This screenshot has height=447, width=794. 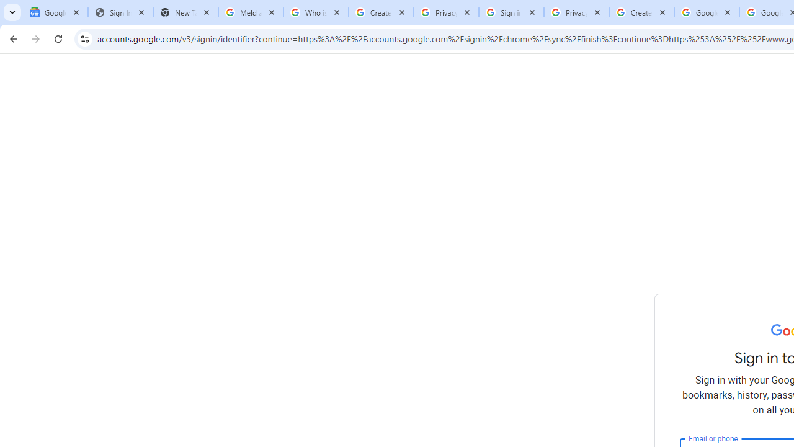 What do you see at coordinates (641, 12) in the screenshot?
I see `'Create your Google Account'` at bounding box center [641, 12].